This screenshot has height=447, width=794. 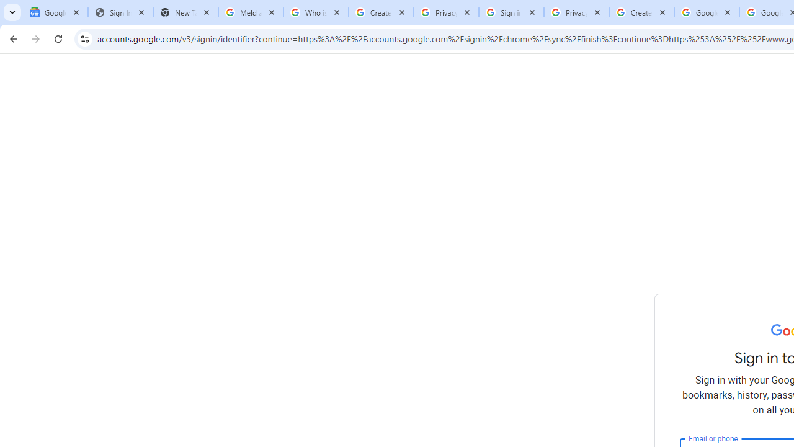 What do you see at coordinates (641, 12) in the screenshot?
I see `'Create your Google Account'` at bounding box center [641, 12].